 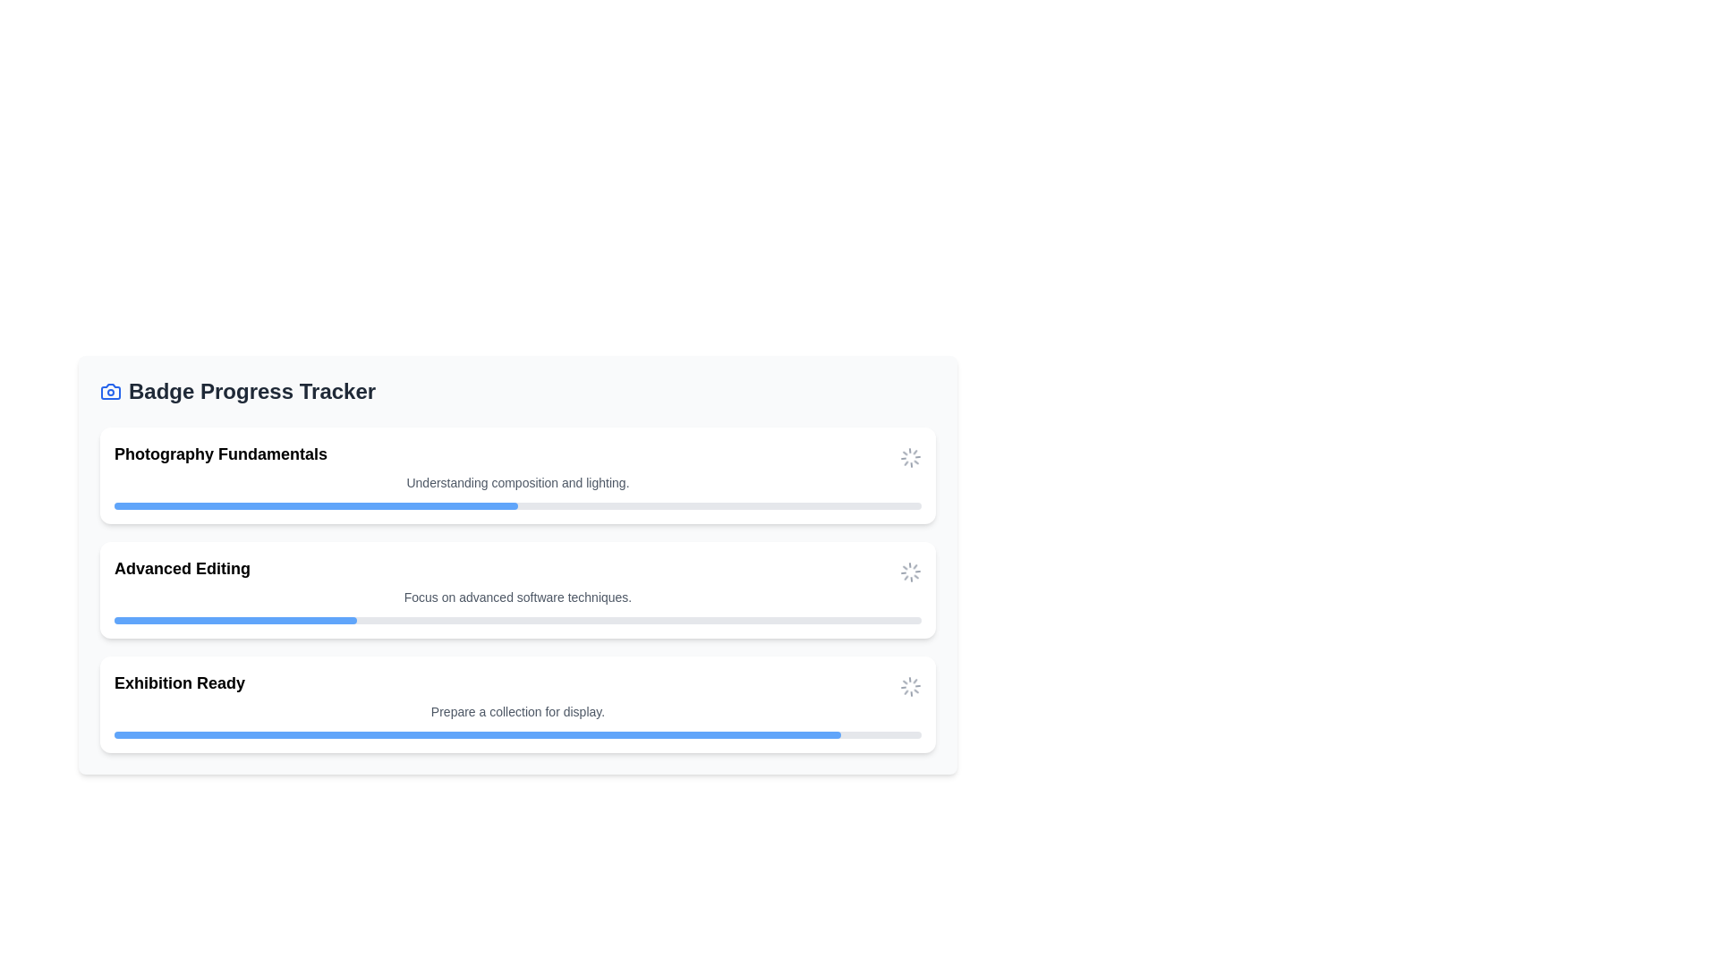 What do you see at coordinates (234, 620) in the screenshot?
I see `the blue progress bar located within the 'Advanced Editing' section of the 'Badge Progress Tracker', which is horizontally positioned and occupies approximately 30% of the width of the gray bar` at bounding box center [234, 620].